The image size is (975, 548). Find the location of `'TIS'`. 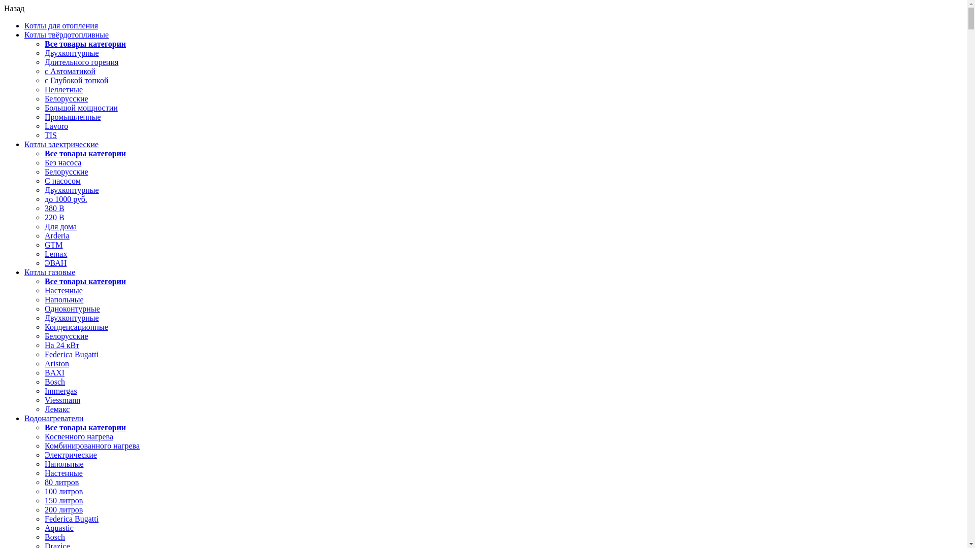

'TIS' is located at coordinates (50, 134).